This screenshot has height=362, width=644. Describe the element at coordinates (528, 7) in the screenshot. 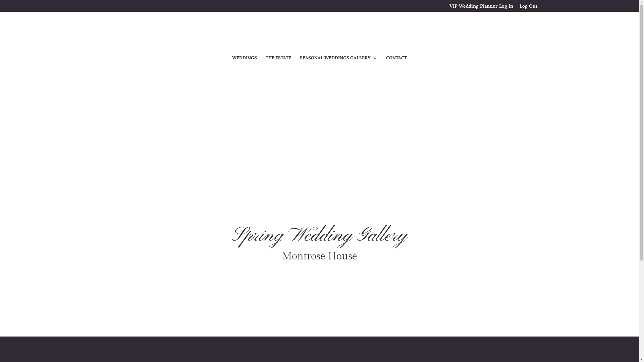

I see `'Log Out'` at that location.